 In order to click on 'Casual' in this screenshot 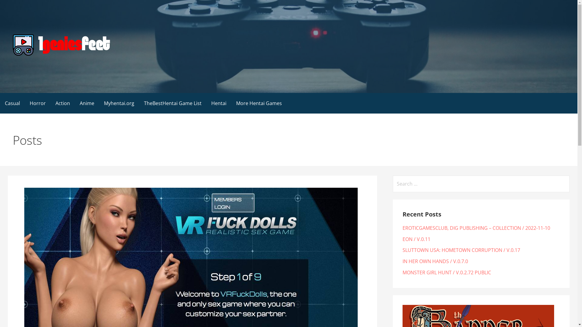, I will do `click(12, 103)`.